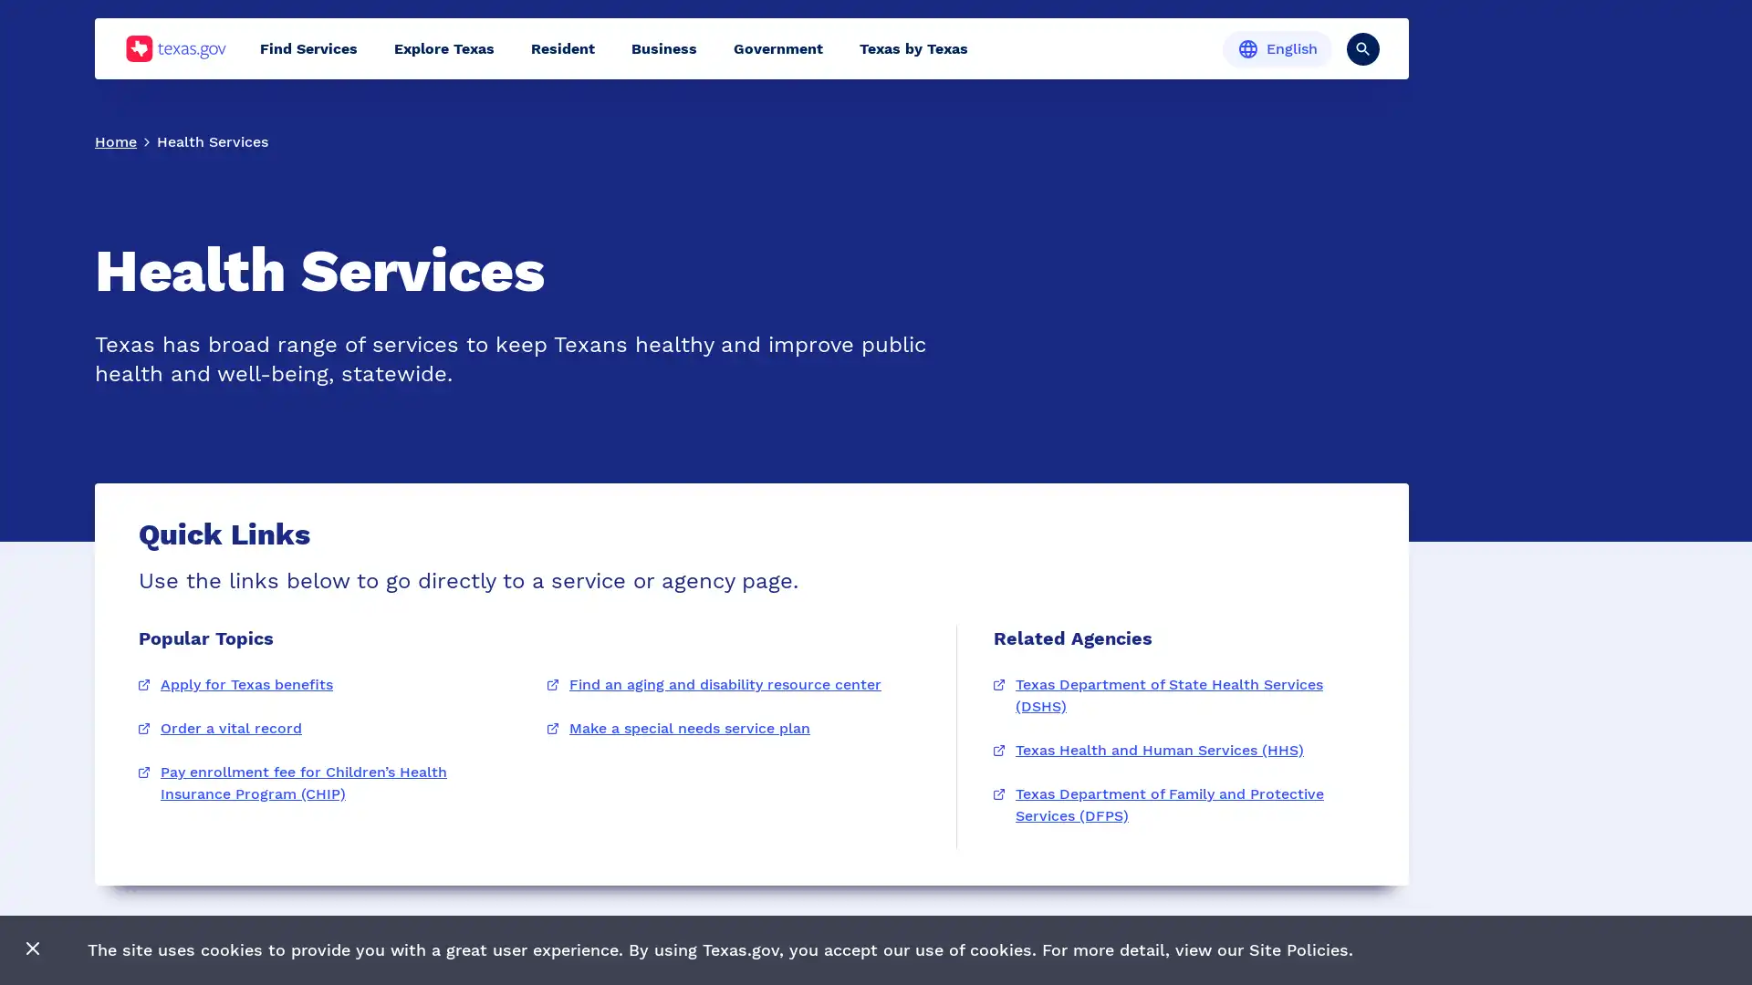  Describe the element at coordinates (562, 47) in the screenshot. I see `Resident` at that location.